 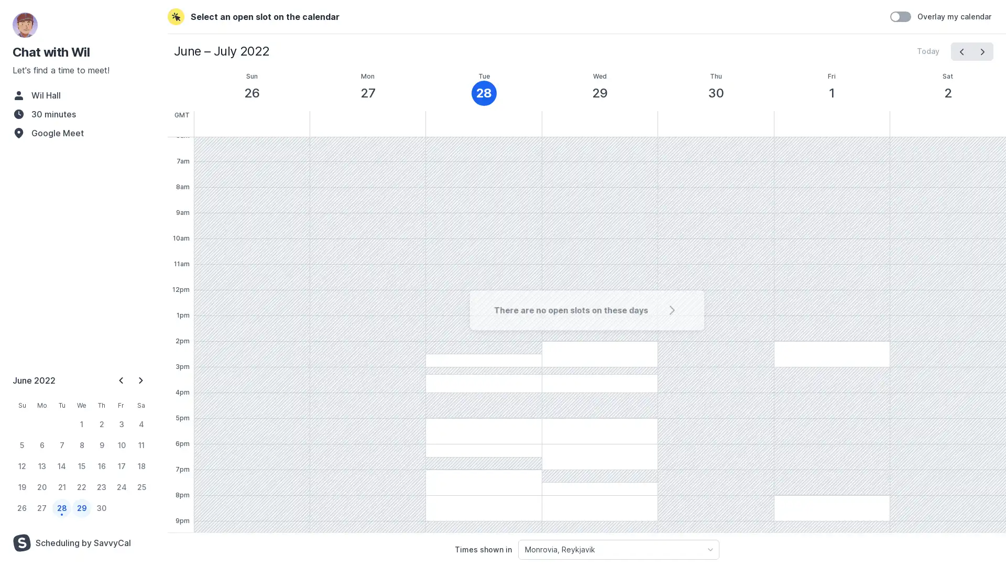 What do you see at coordinates (121, 380) in the screenshot?
I see `Previous Month` at bounding box center [121, 380].